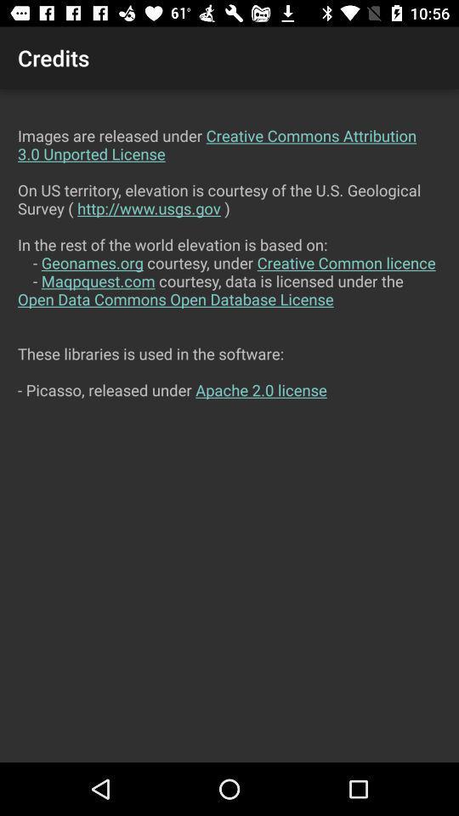 Image resolution: width=459 pixels, height=816 pixels. I want to click on images are released, so click(229, 425).